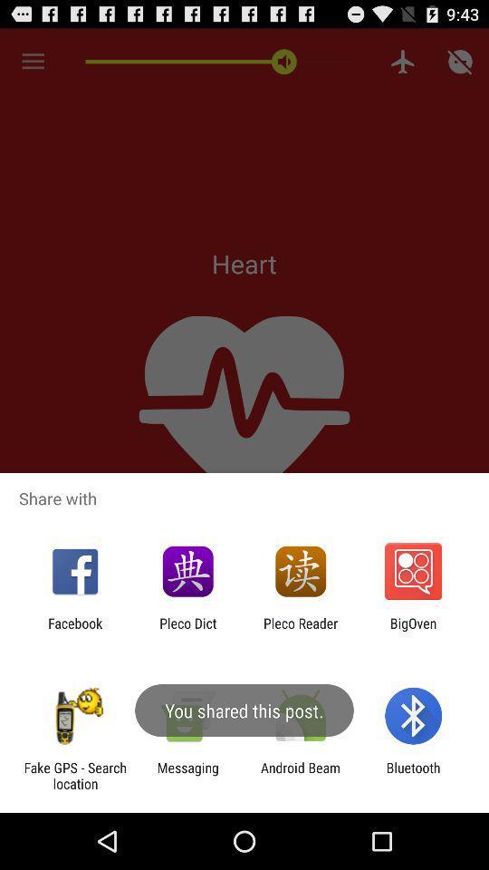 The width and height of the screenshot is (489, 870). What do you see at coordinates (187, 631) in the screenshot?
I see `the item next to pleco reader` at bounding box center [187, 631].